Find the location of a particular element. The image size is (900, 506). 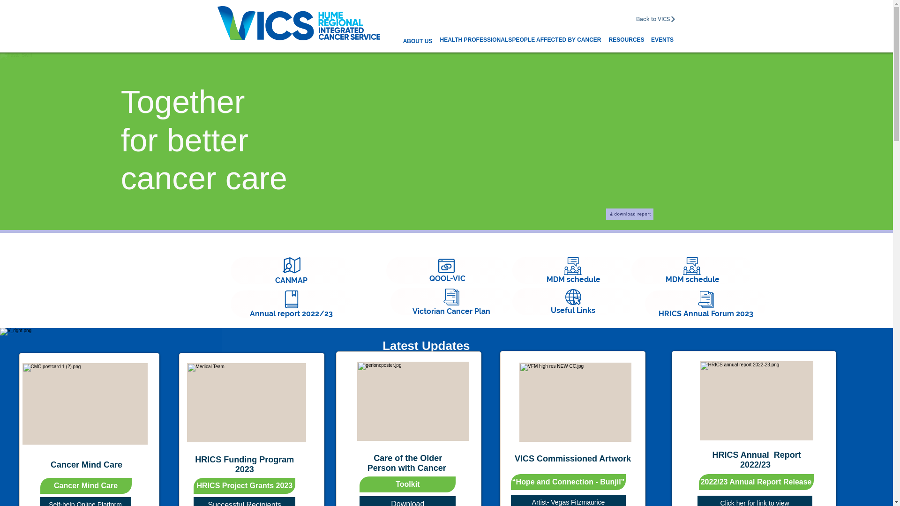

'CANMAP' is located at coordinates (291, 271).